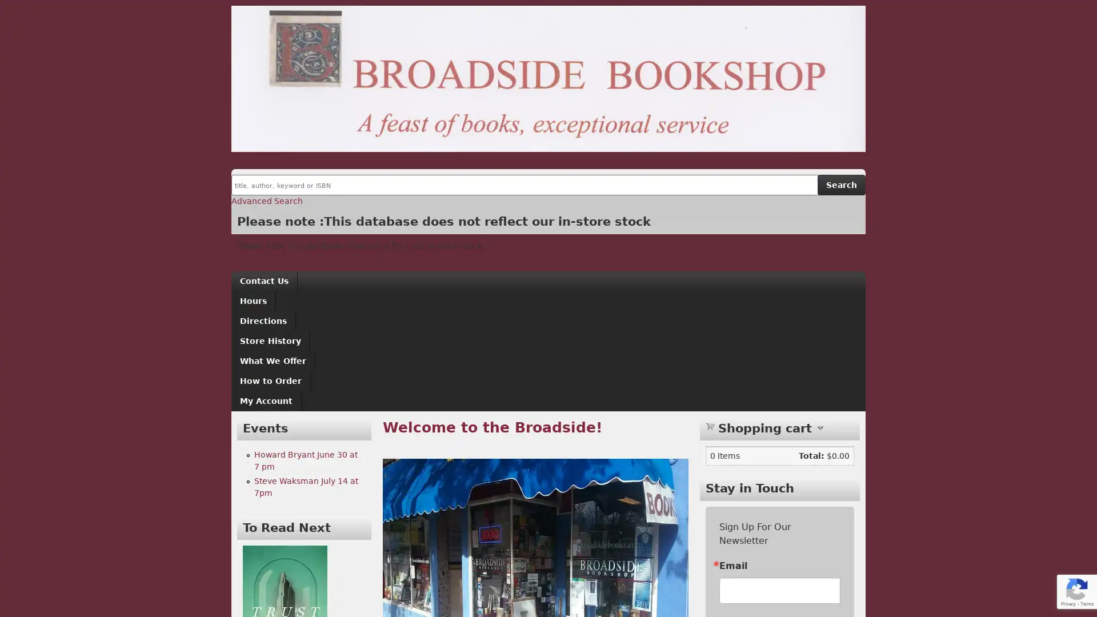  What do you see at coordinates (842, 185) in the screenshot?
I see `Search` at bounding box center [842, 185].